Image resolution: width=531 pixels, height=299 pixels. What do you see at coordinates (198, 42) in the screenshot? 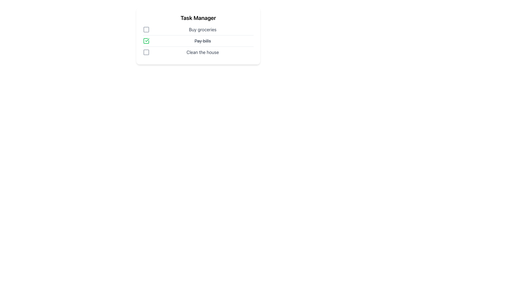
I see `the checkbox labeled 'Pay bills'` at bounding box center [198, 42].